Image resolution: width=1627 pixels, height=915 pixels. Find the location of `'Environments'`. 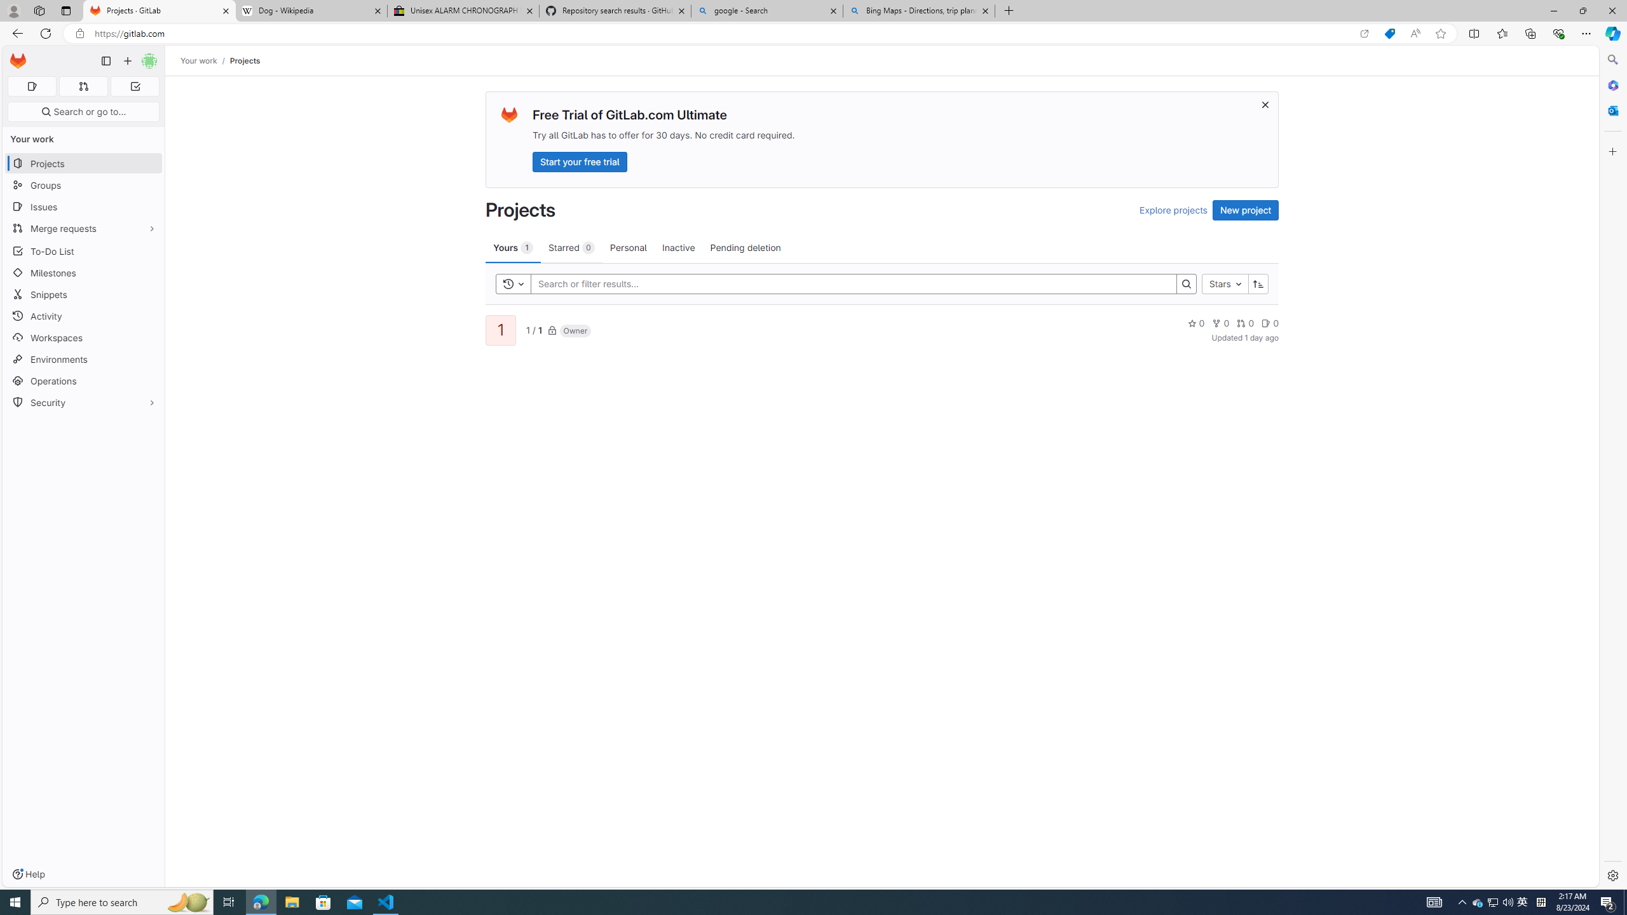

'Environments' is located at coordinates (83, 358).